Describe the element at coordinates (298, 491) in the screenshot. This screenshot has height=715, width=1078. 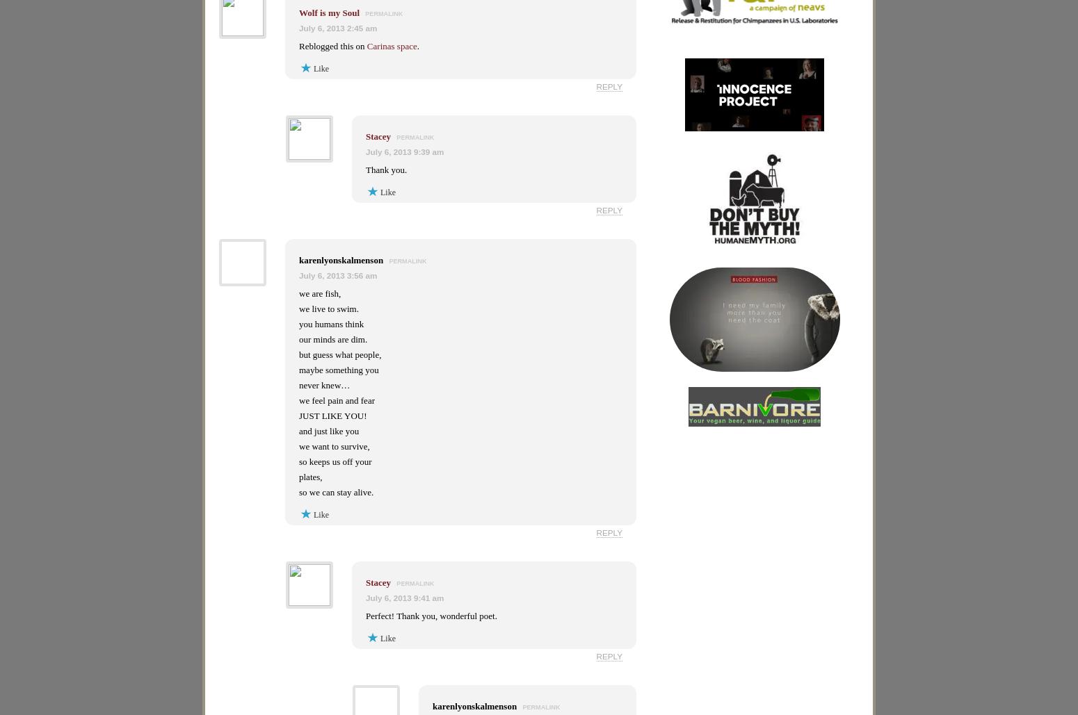
I see `'so we can stay alive.'` at that location.